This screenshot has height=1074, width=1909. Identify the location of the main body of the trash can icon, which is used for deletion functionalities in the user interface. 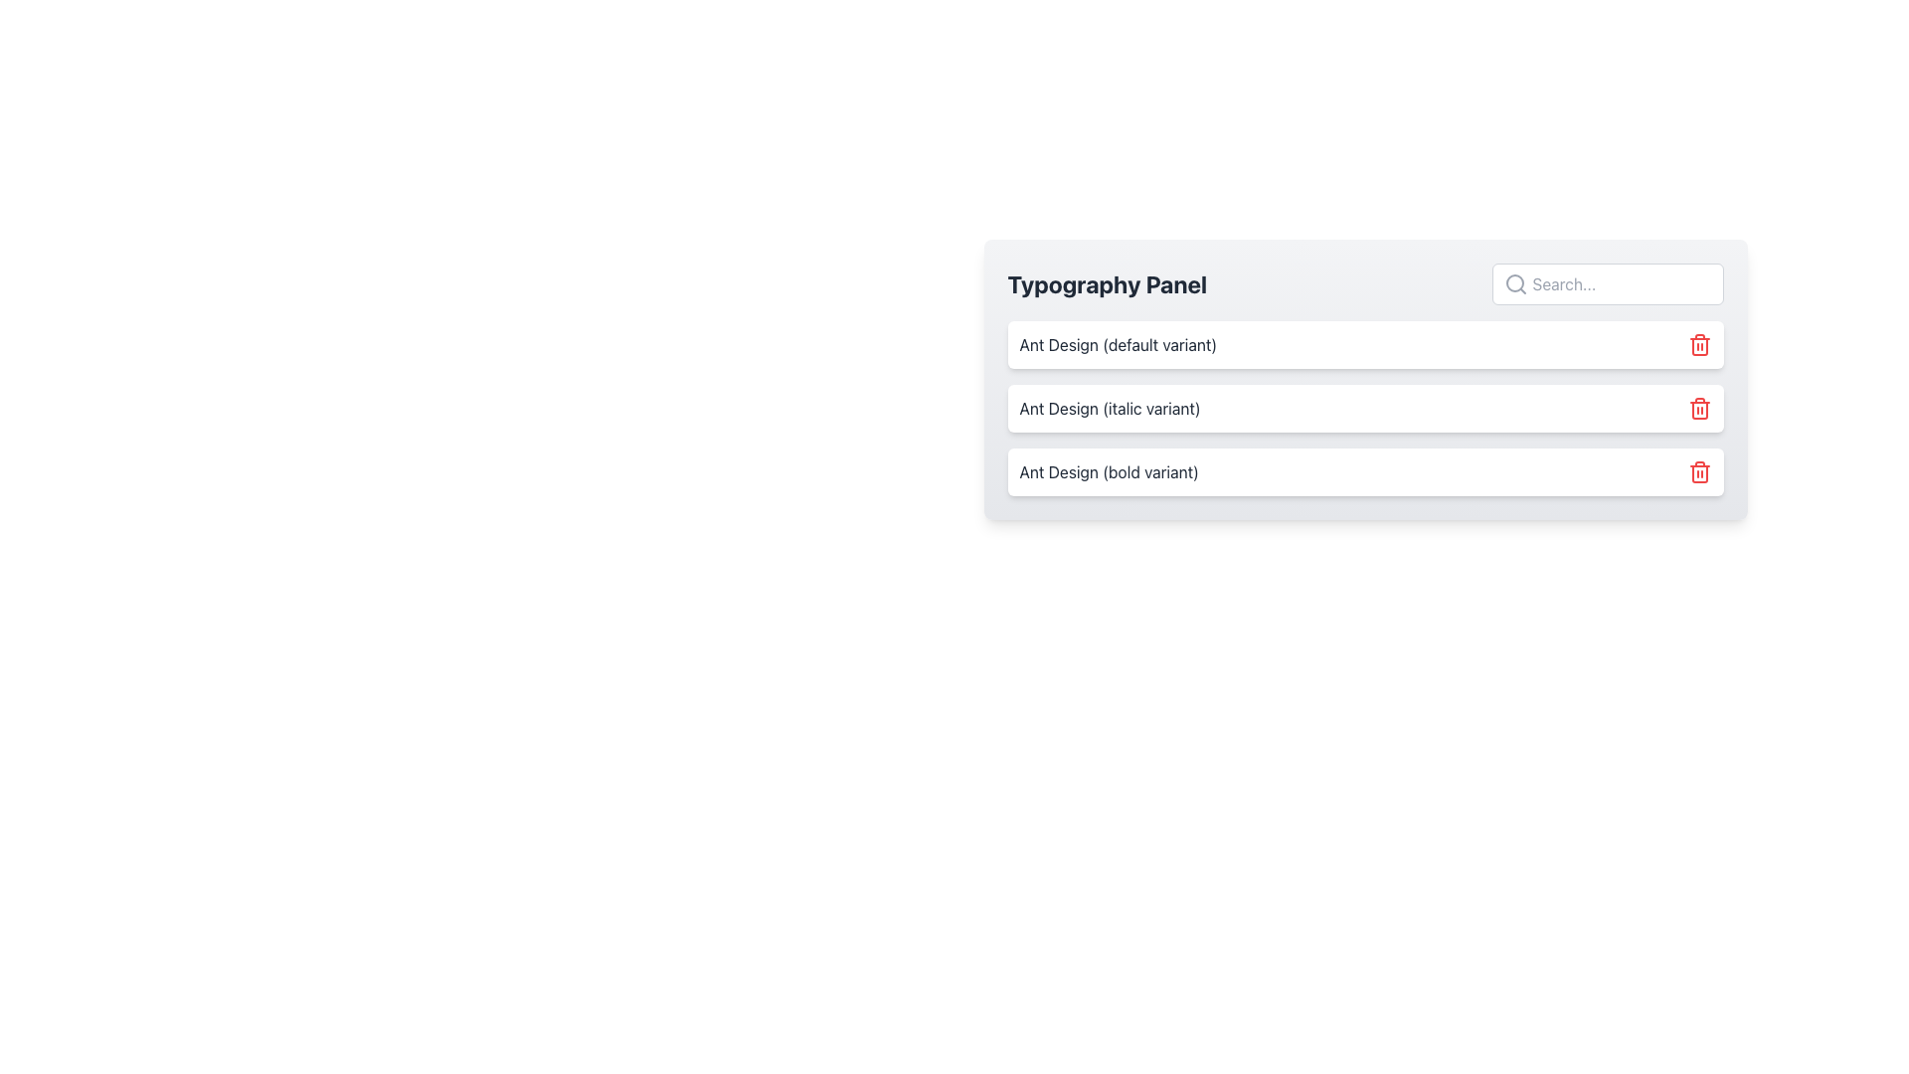
(1698, 409).